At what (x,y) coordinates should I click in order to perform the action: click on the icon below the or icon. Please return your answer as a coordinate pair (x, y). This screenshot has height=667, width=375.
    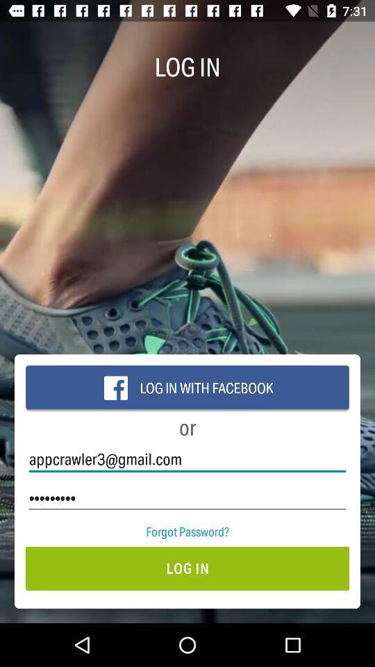
    Looking at the image, I should click on (187, 459).